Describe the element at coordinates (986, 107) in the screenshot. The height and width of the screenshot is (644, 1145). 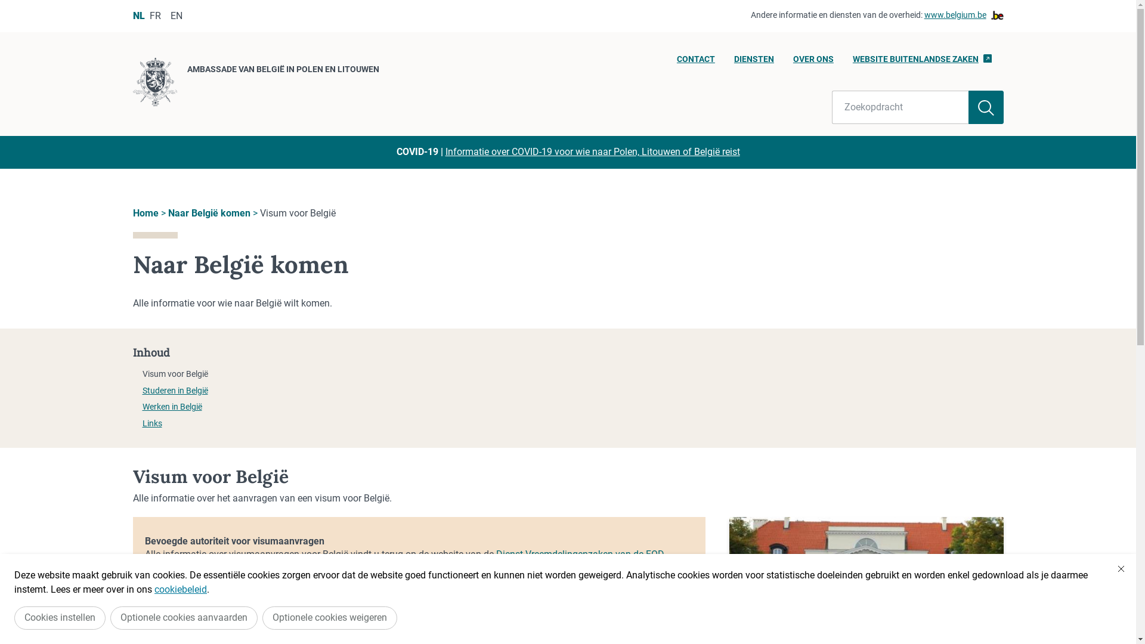
I see `'Filteren'` at that location.